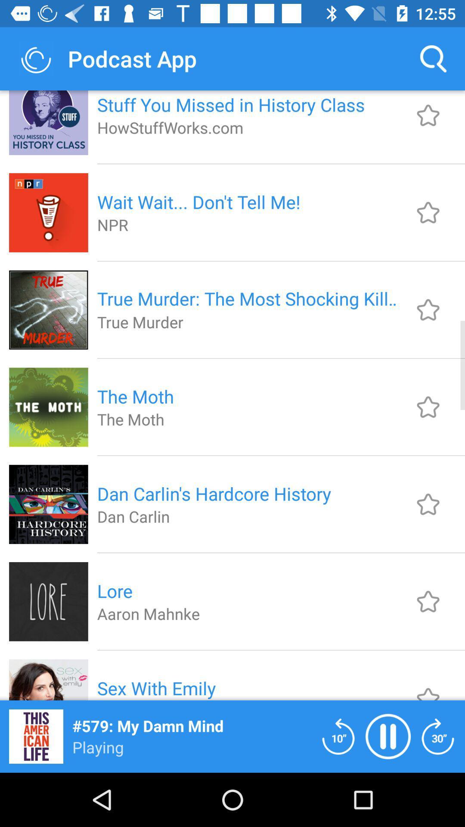  What do you see at coordinates (428, 115) in the screenshot?
I see `to starred` at bounding box center [428, 115].